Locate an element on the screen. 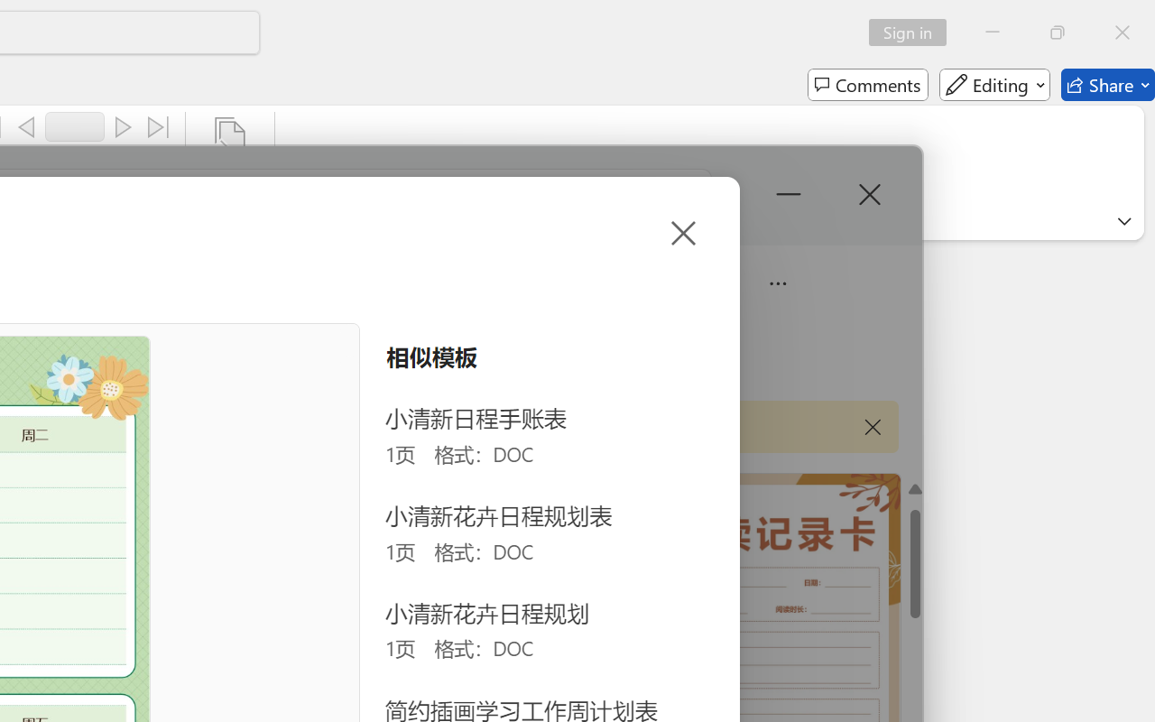 Image resolution: width=1155 pixels, height=722 pixels. 'Editing' is located at coordinates (993, 85).